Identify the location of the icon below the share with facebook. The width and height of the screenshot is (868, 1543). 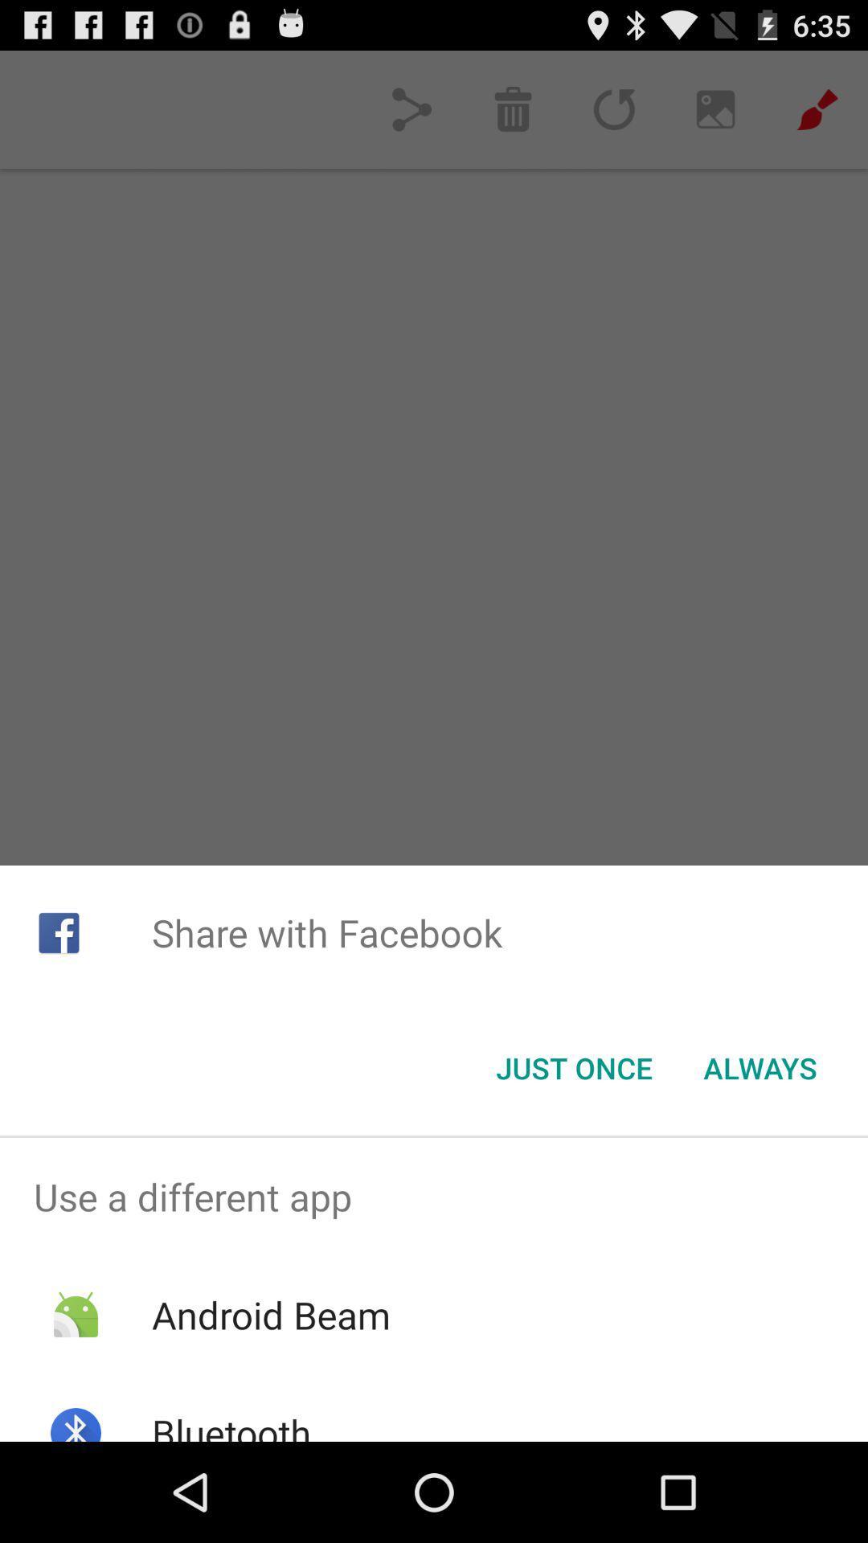
(573, 1068).